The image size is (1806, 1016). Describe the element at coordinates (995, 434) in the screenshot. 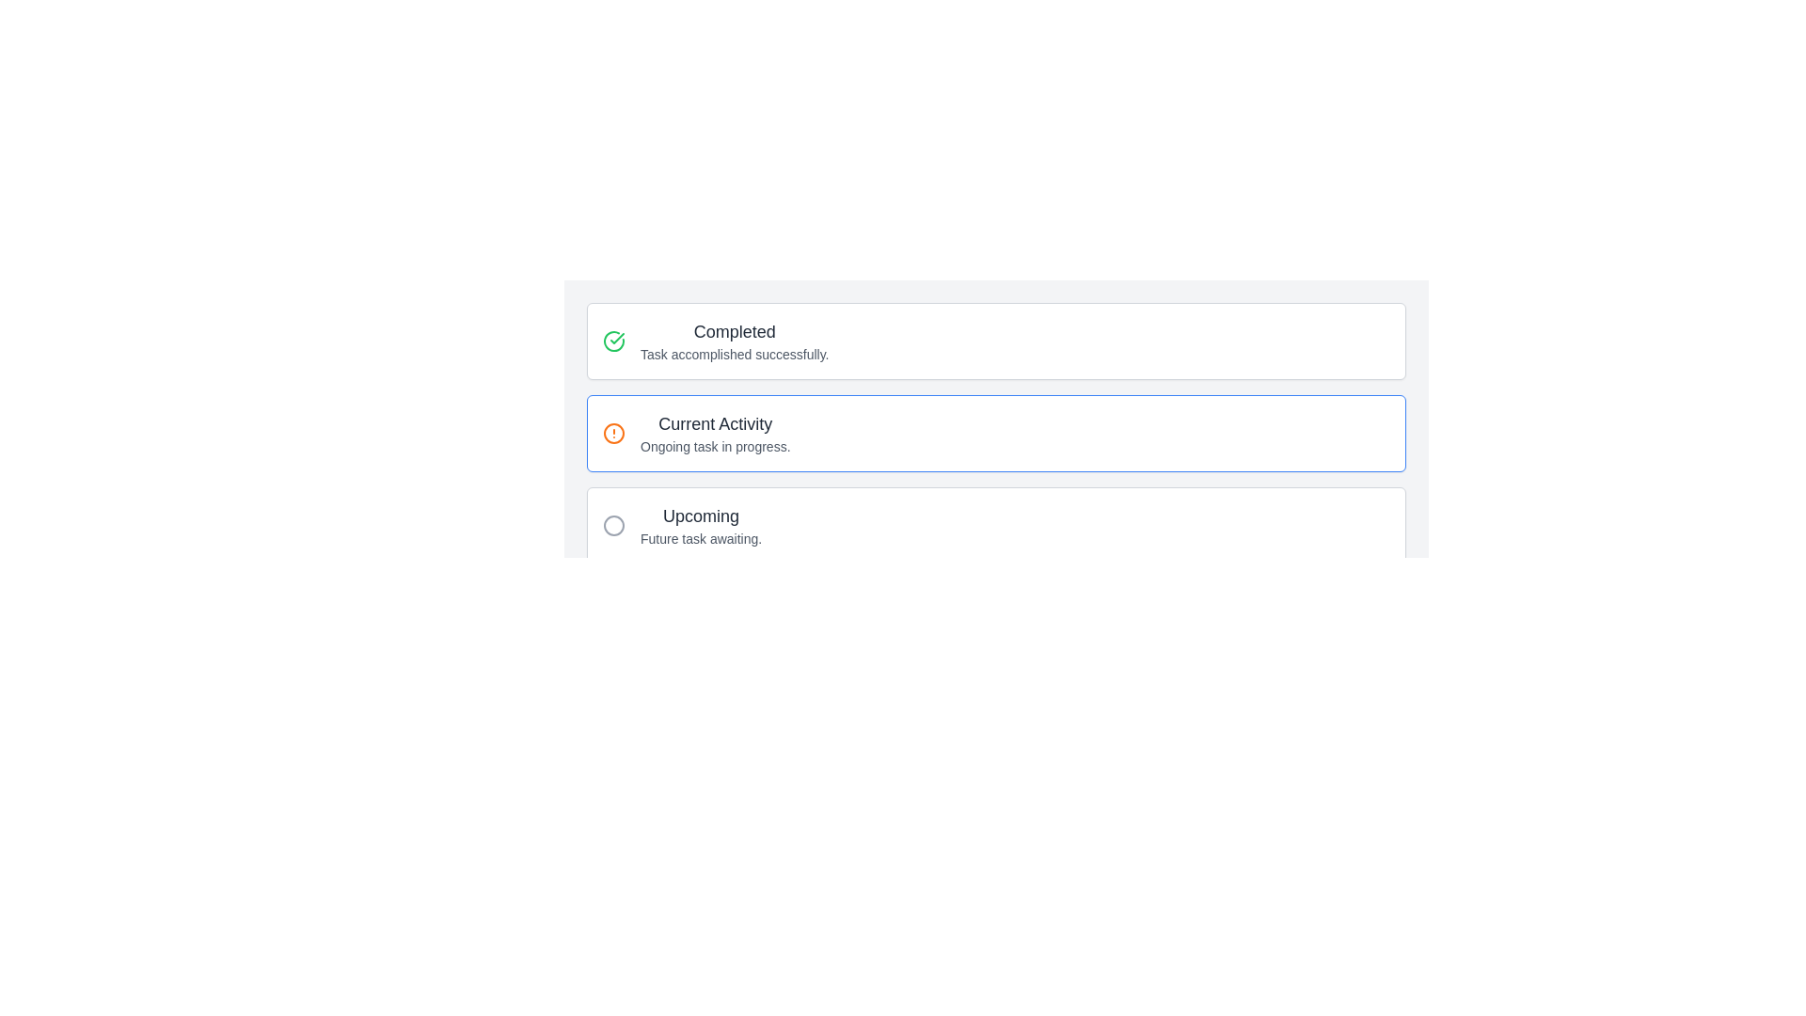

I see `information displayed in the 'Current Activity' informational card, which contains the title 'Current Activity' and the description 'Ongoing task in progress.'` at that location.